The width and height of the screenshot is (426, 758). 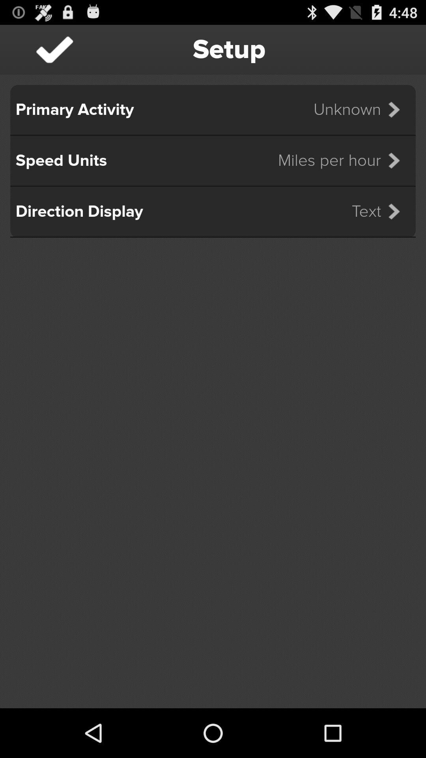 I want to click on the unknown icon, so click(x=362, y=109).